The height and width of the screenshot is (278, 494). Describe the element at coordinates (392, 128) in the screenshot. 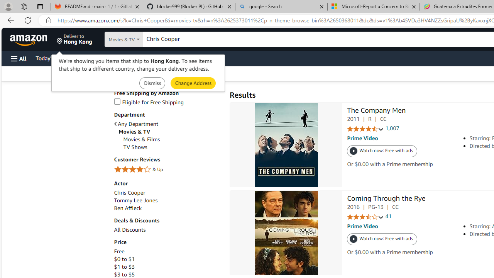

I see `'1,007'` at that location.